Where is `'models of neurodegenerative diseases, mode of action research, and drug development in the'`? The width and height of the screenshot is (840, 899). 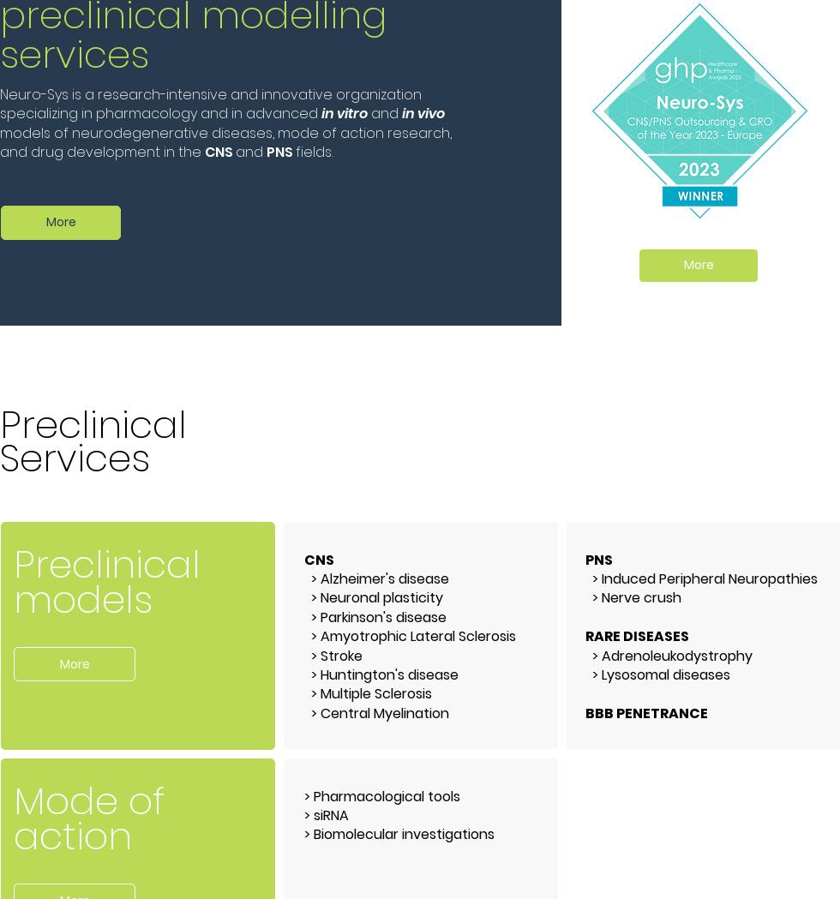
'models of neurodegenerative diseases, mode of action research, and drug development in the' is located at coordinates (225, 141).